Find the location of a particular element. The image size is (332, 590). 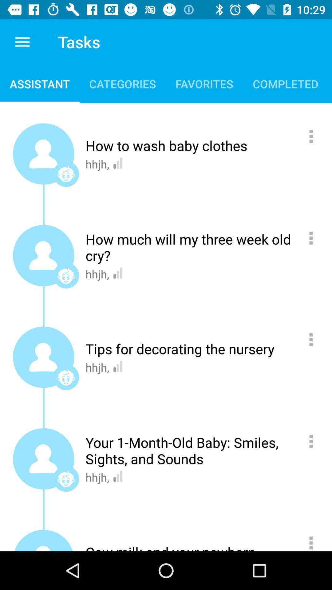

the icon next to the tasks icon is located at coordinates (22, 41).